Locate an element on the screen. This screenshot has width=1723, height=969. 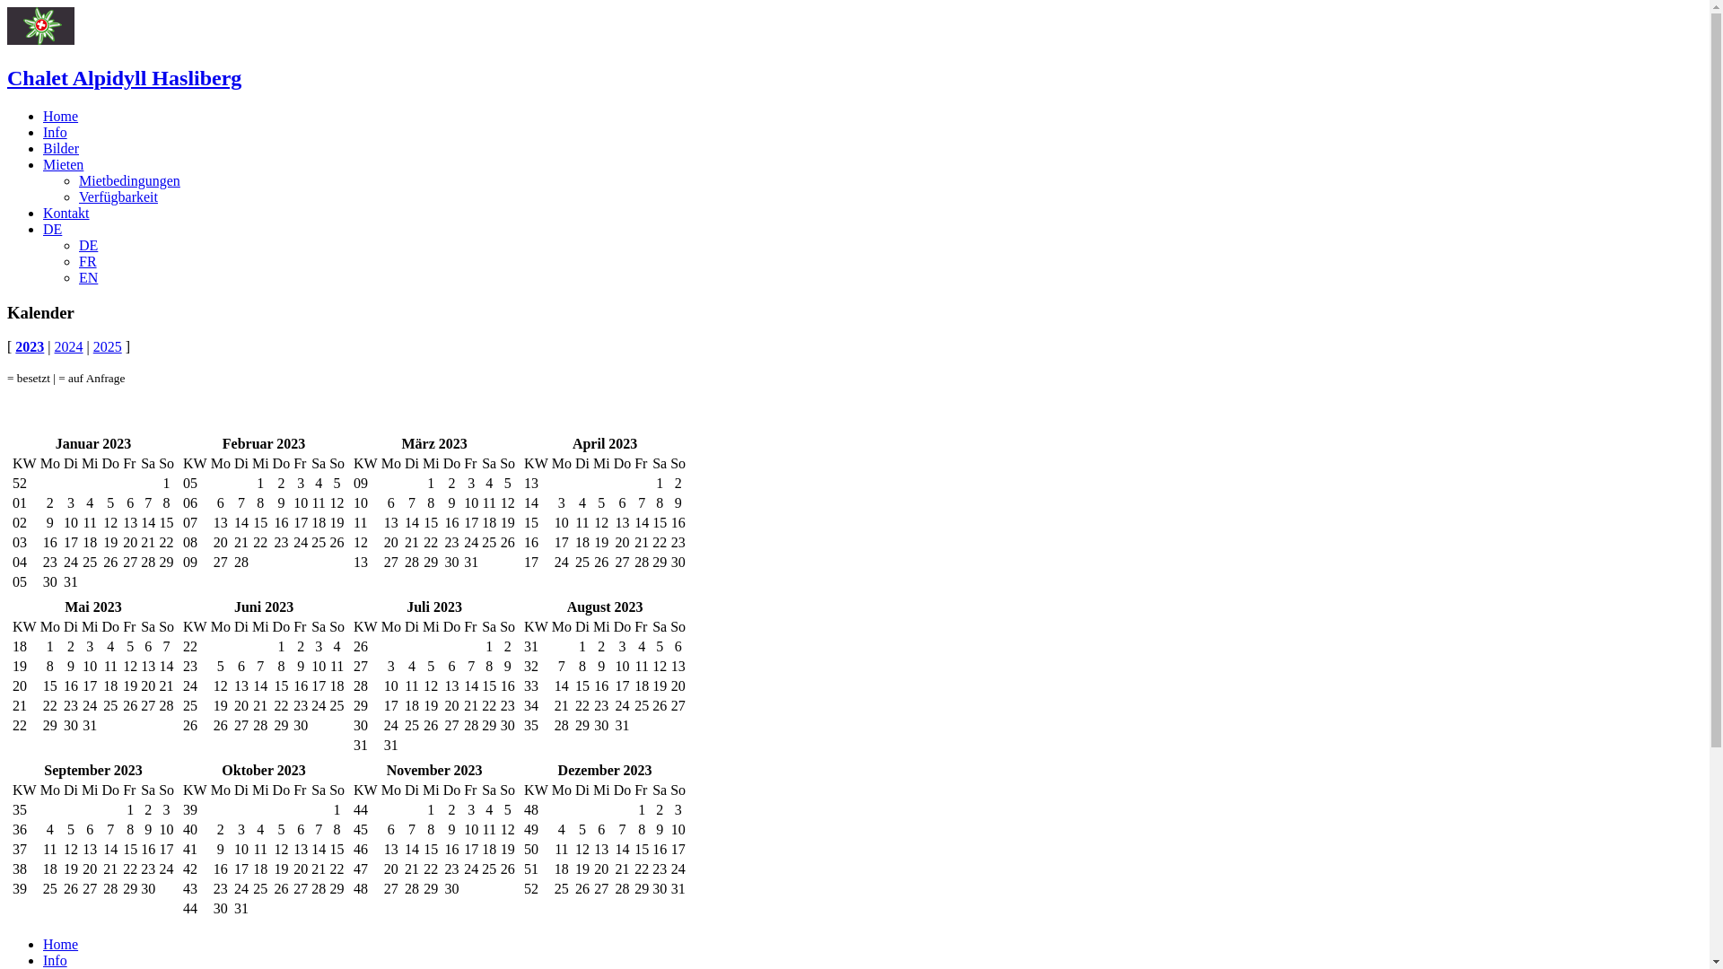
'Chalet Alpidyll Hasliberg' is located at coordinates (123, 77).